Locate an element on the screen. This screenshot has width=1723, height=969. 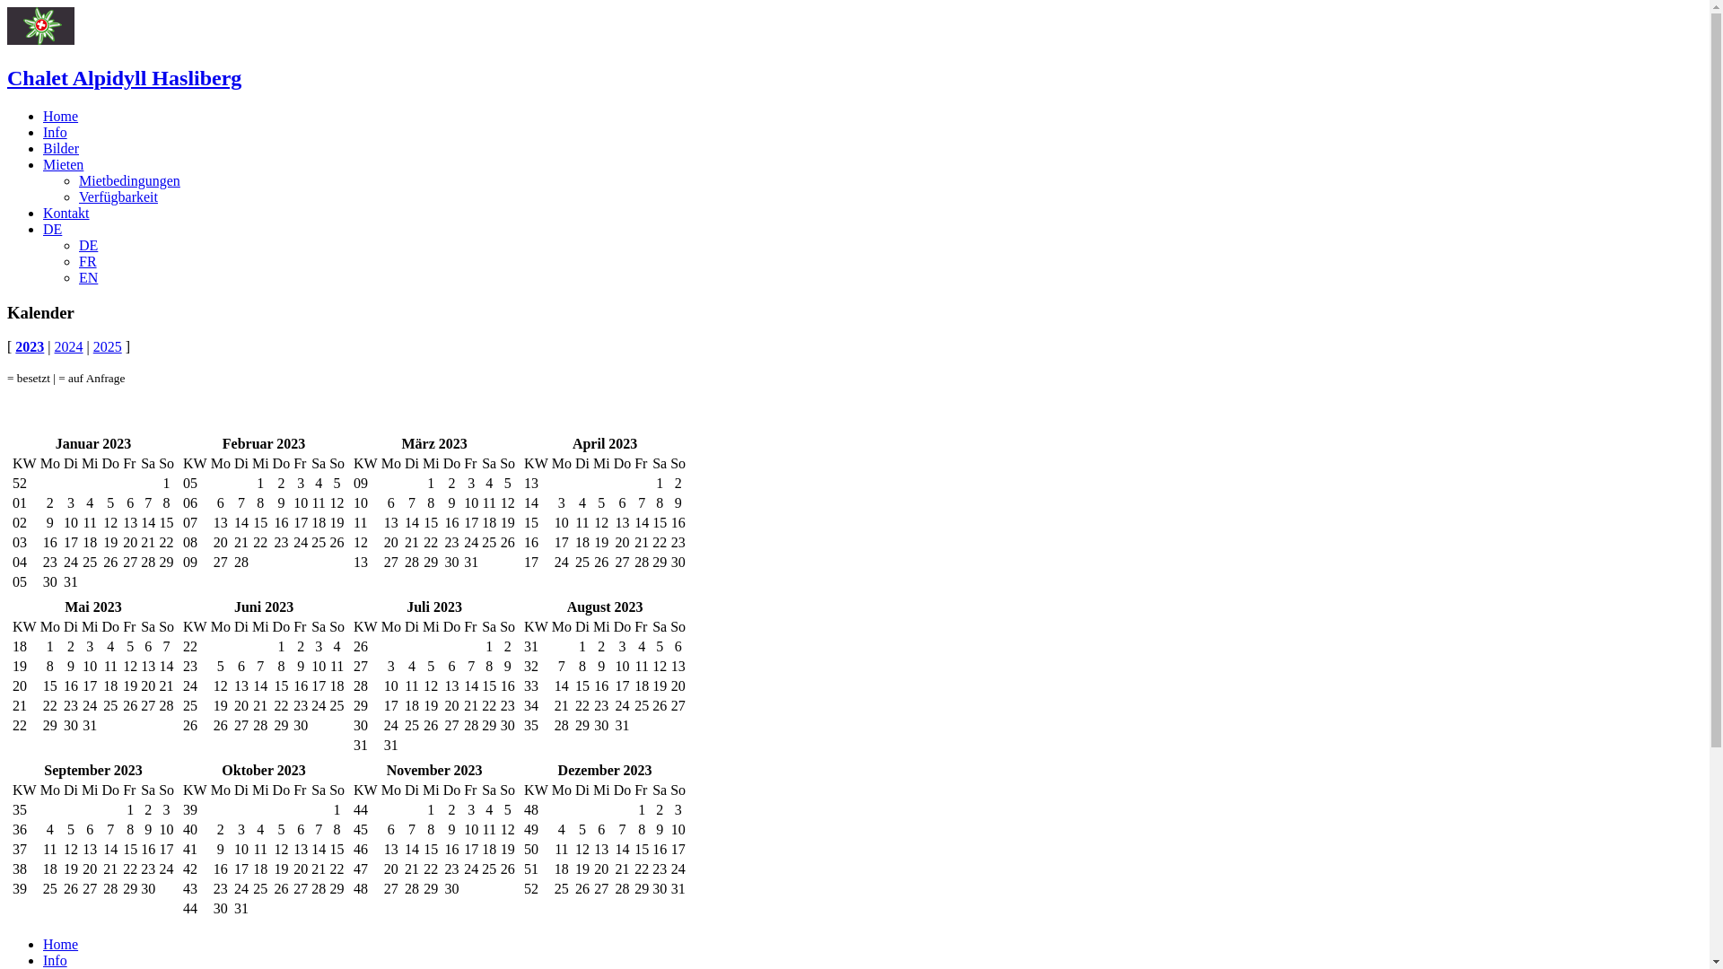
'Chalet Alpidyll Hasliberg' is located at coordinates (123, 77).